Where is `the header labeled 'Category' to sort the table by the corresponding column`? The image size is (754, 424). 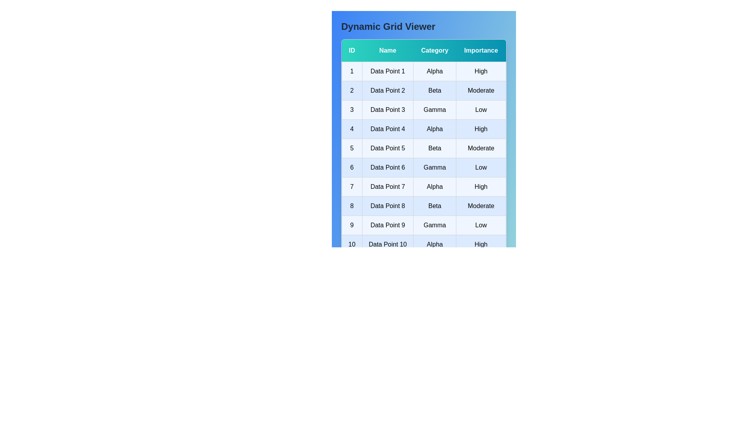 the header labeled 'Category' to sort the table by the corresponding column is located at coordinates (434, 51).